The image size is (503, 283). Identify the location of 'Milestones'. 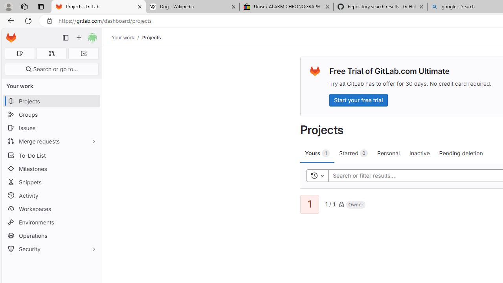
(51, 168).